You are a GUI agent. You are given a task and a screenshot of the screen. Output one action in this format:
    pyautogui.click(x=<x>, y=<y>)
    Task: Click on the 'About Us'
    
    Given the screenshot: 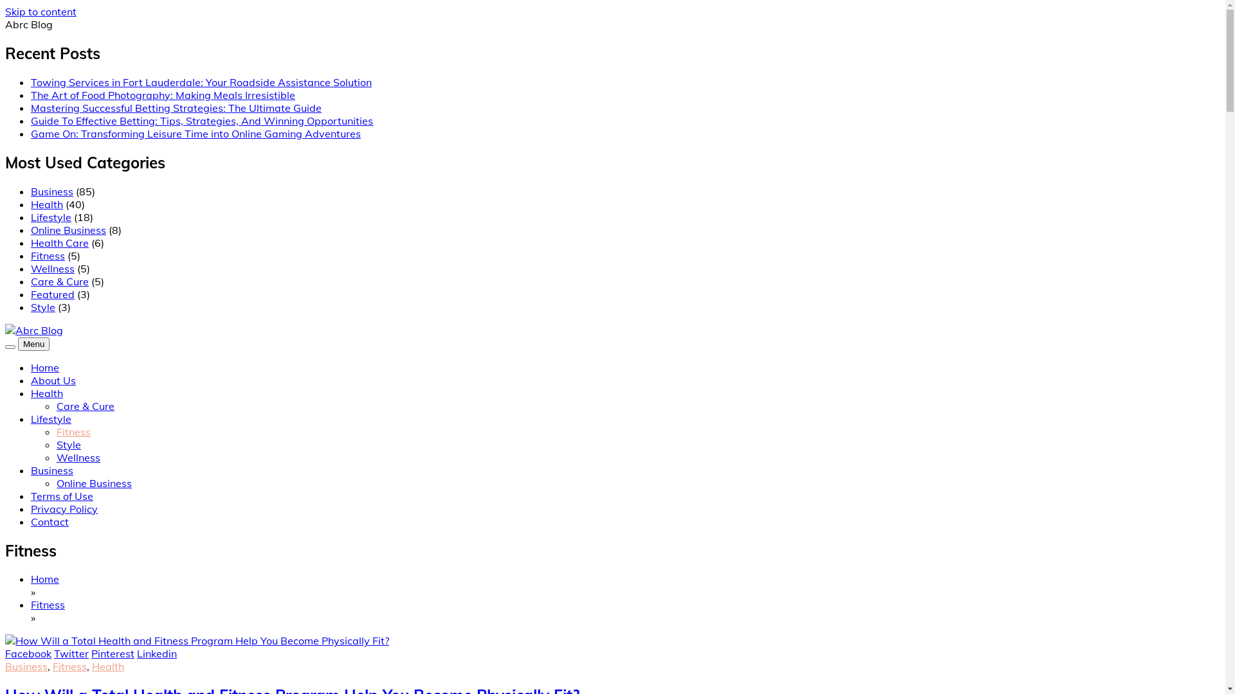 What is the action you would take?
    pyautogui.click(x=31, y=379)
    